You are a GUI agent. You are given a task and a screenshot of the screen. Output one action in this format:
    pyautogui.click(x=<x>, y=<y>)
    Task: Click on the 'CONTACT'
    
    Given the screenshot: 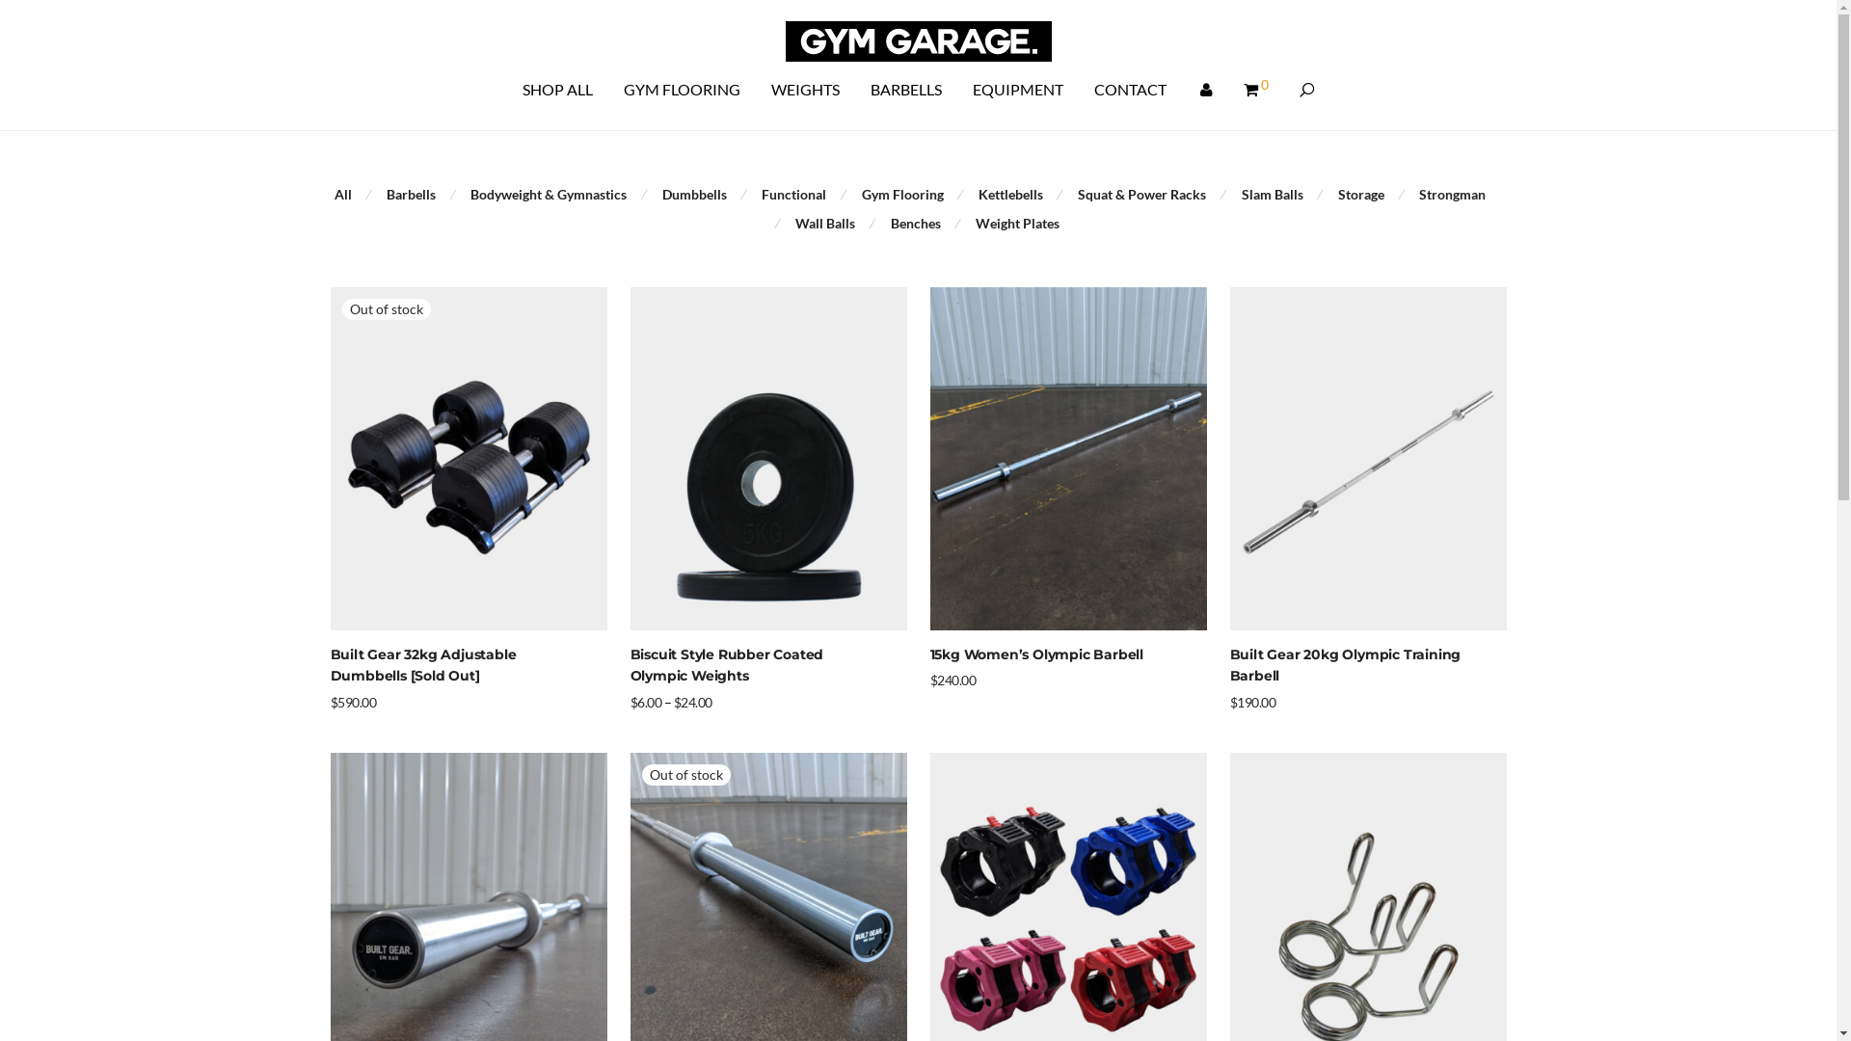 What is the action you would take?
    pyautogui.click(x=1129, y=89)
    